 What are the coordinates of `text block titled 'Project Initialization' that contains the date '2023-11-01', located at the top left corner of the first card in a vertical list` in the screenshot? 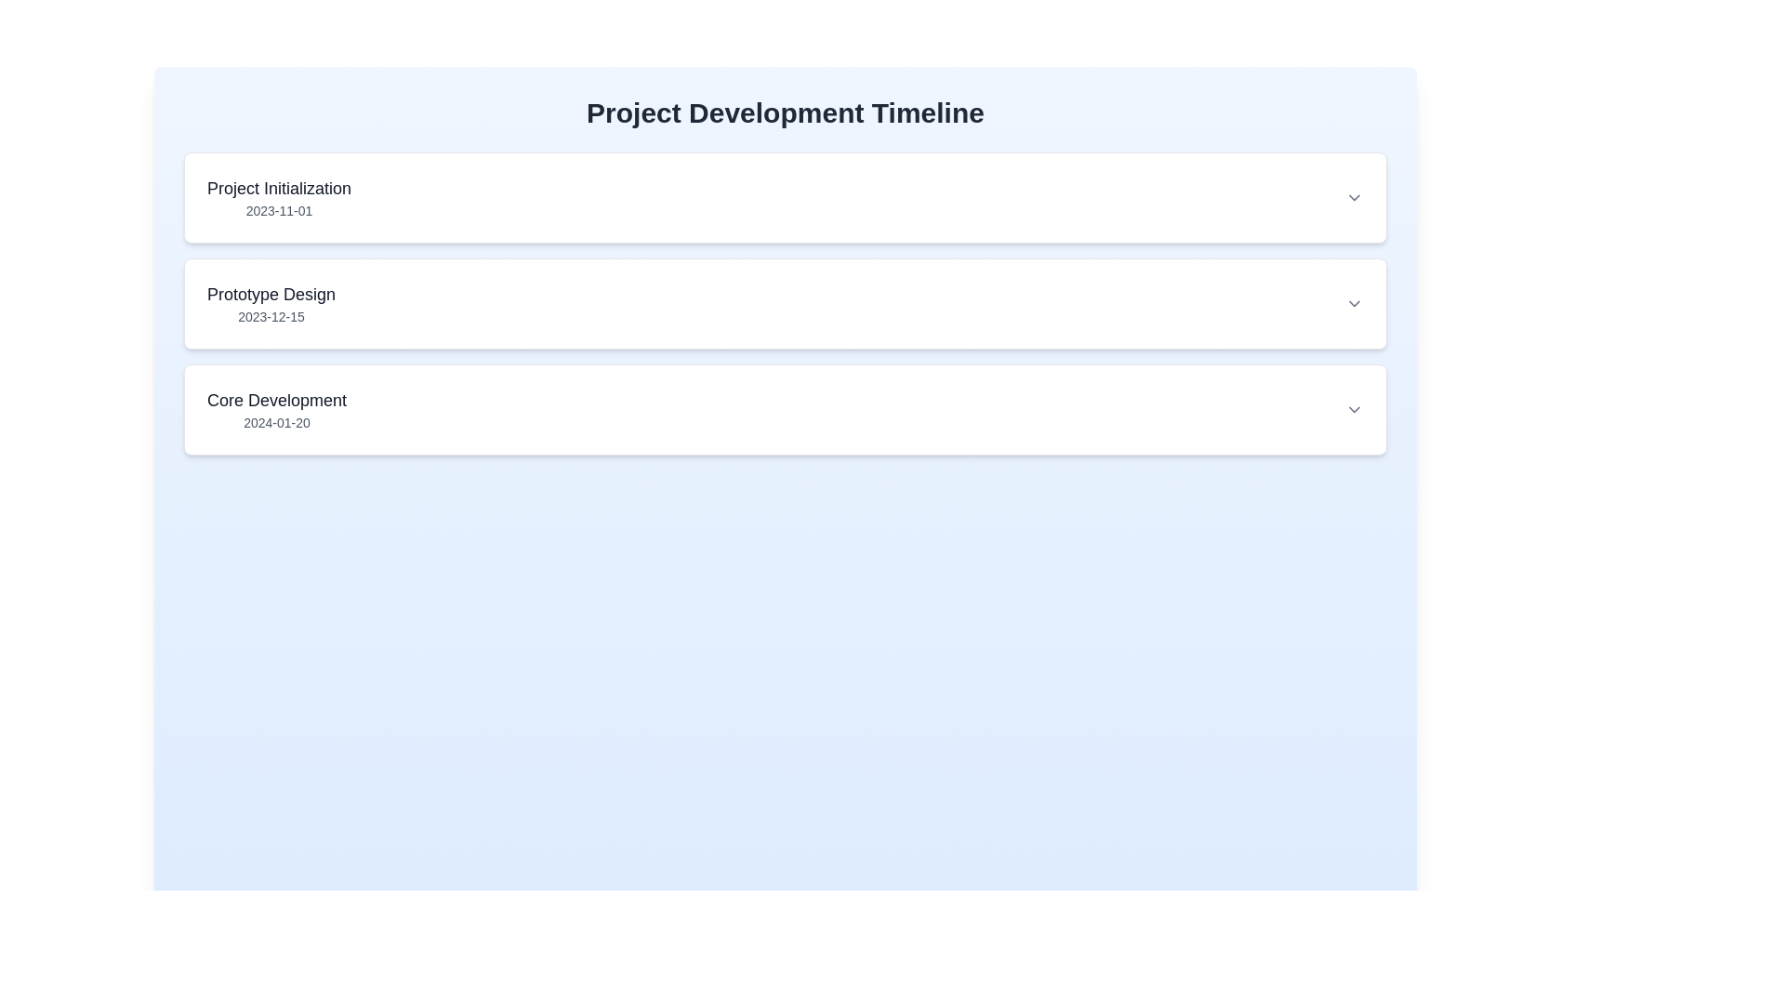 It's located at (278, 197).